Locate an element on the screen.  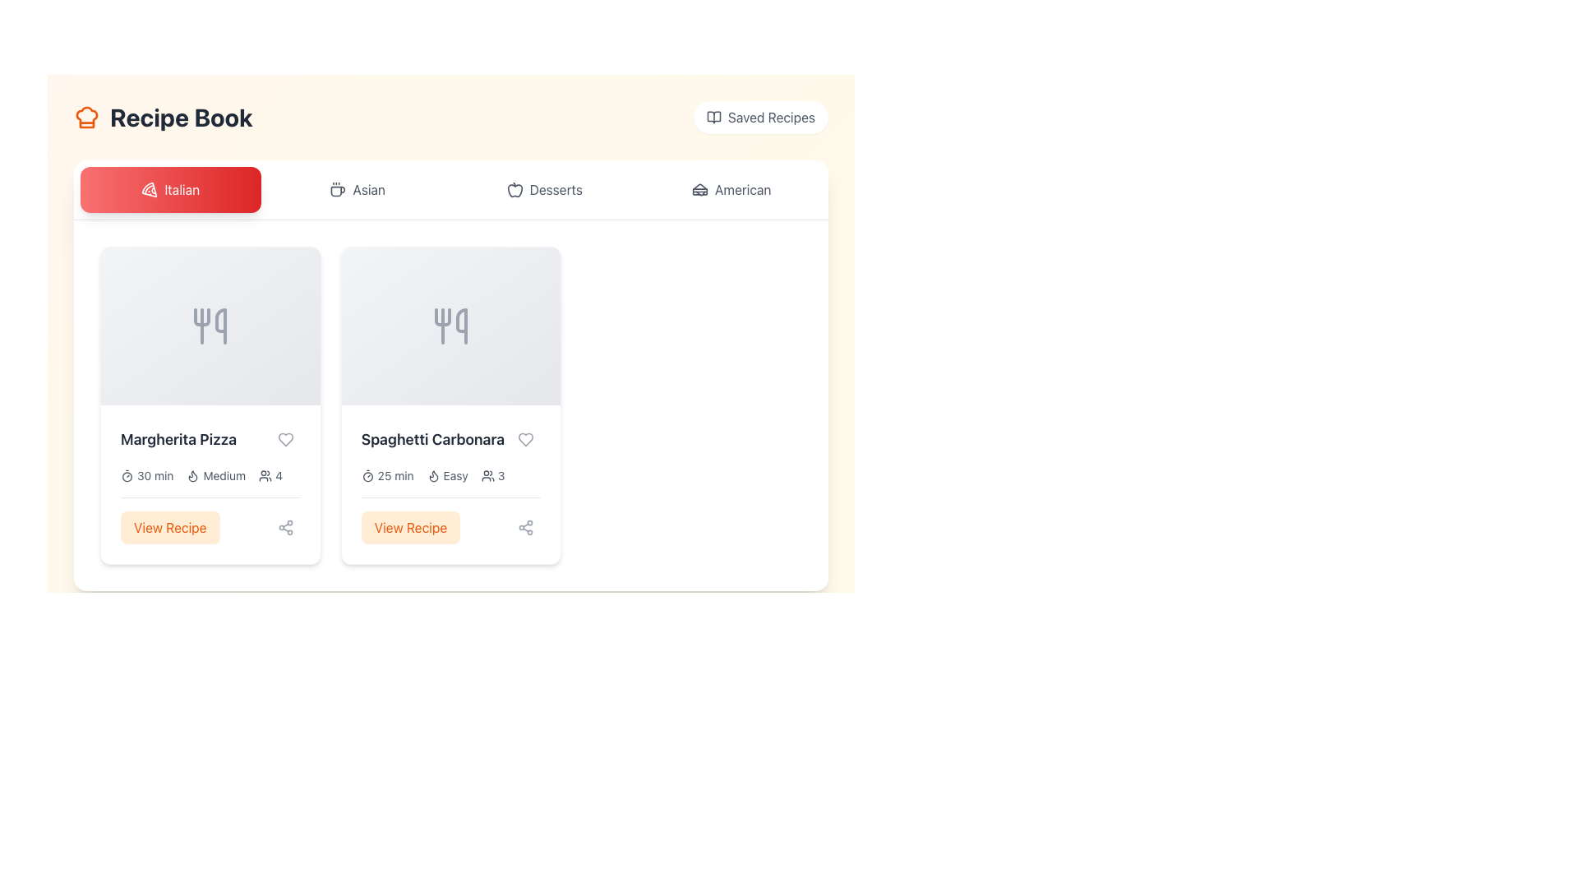
the flame icon located next to the text 'Medium' in the first recipe card below the title 'Margherita Pizza' is located at coordinates (193, 475).